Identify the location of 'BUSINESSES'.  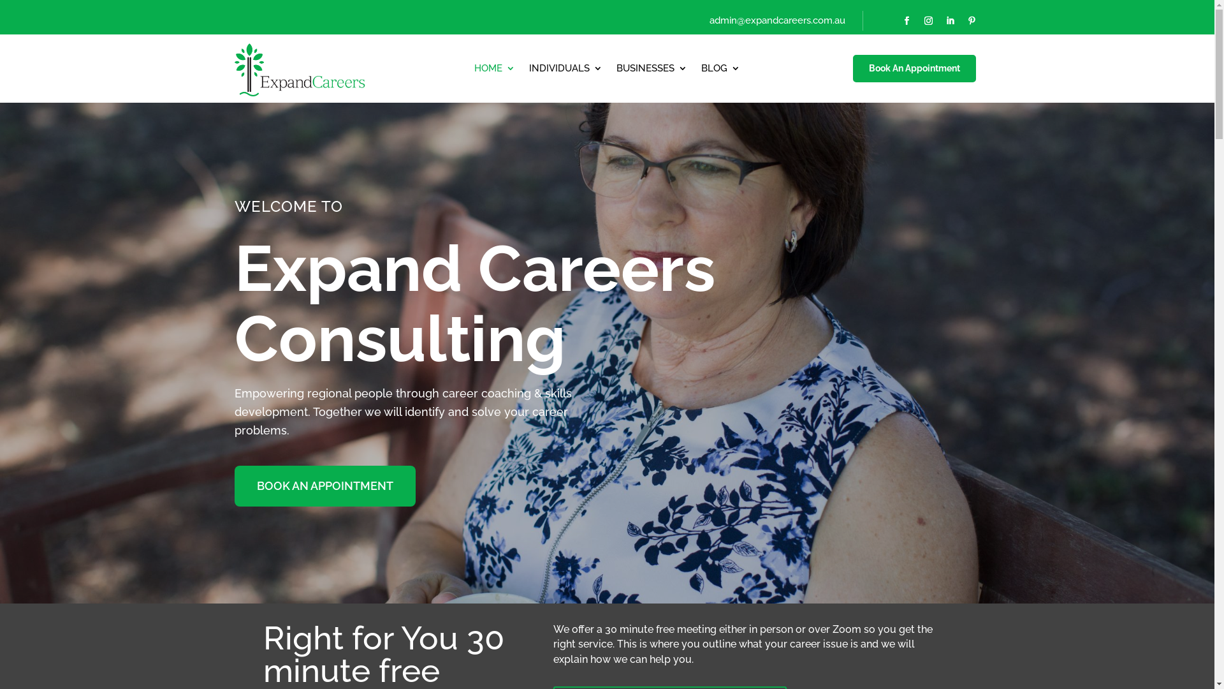
(652, 71).